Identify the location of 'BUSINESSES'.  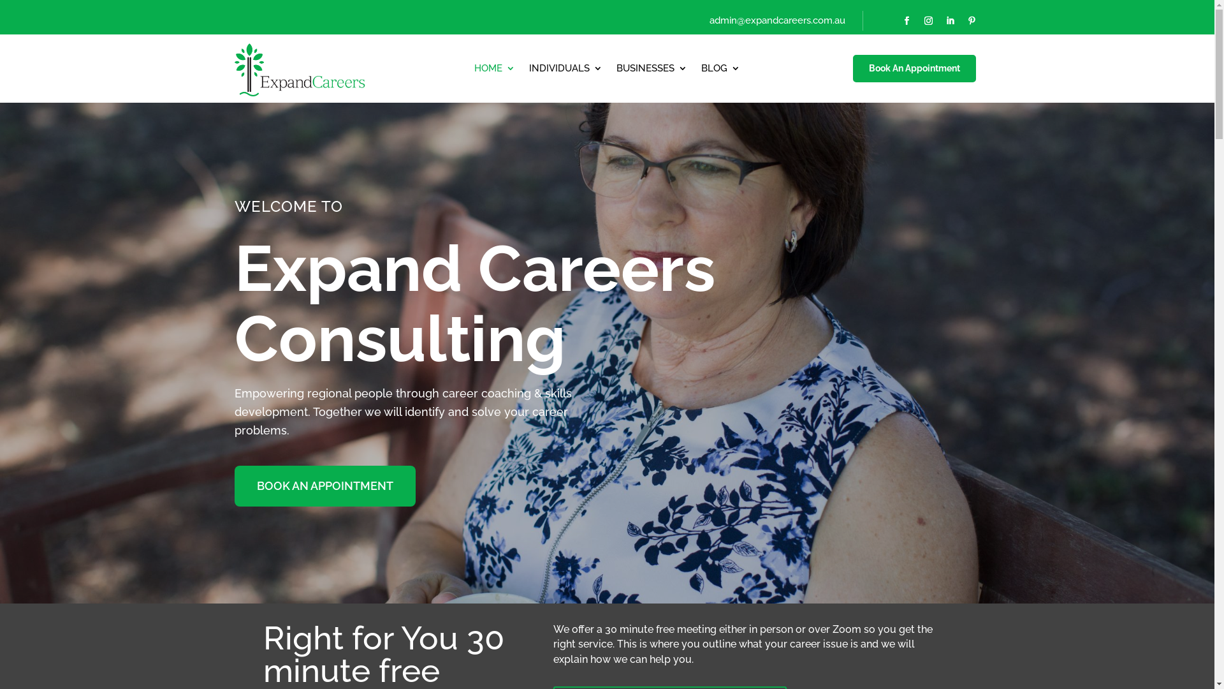
(652, 71).